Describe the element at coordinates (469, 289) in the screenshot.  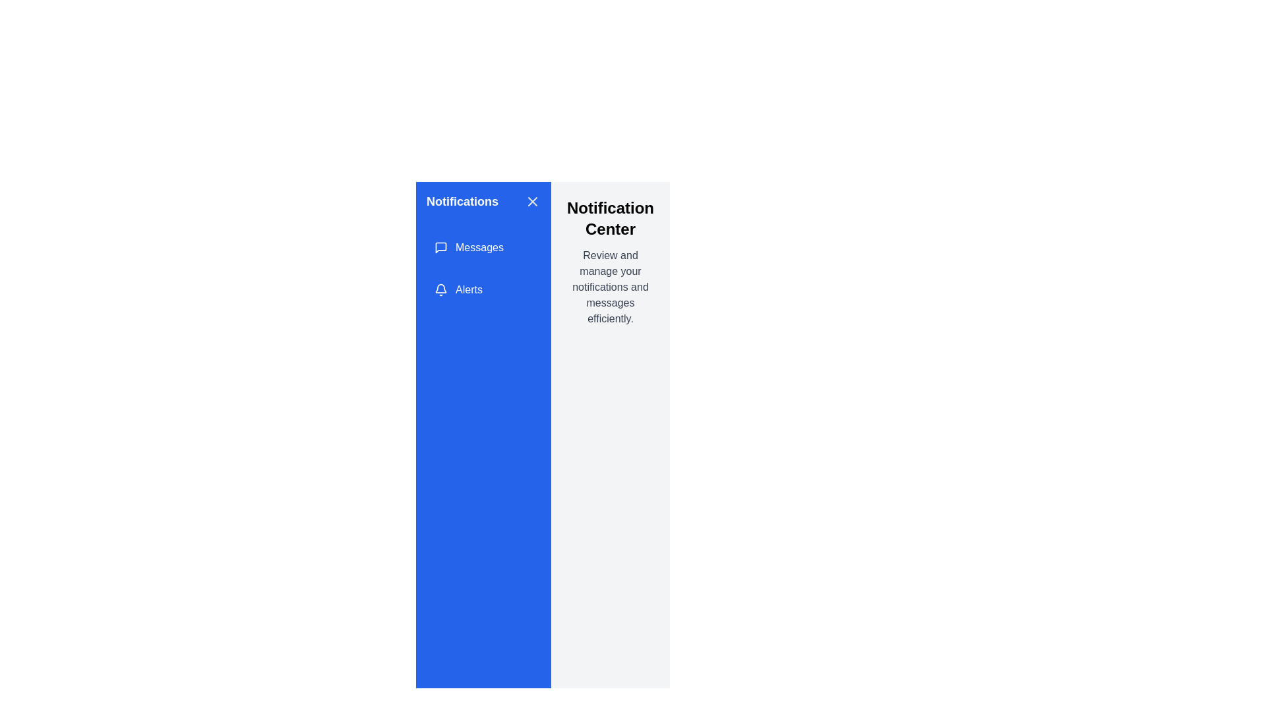
I see `the label for the alerts or notification section, located next to the bell icon in the blue sidebar, which is the second item in the list` at that location.